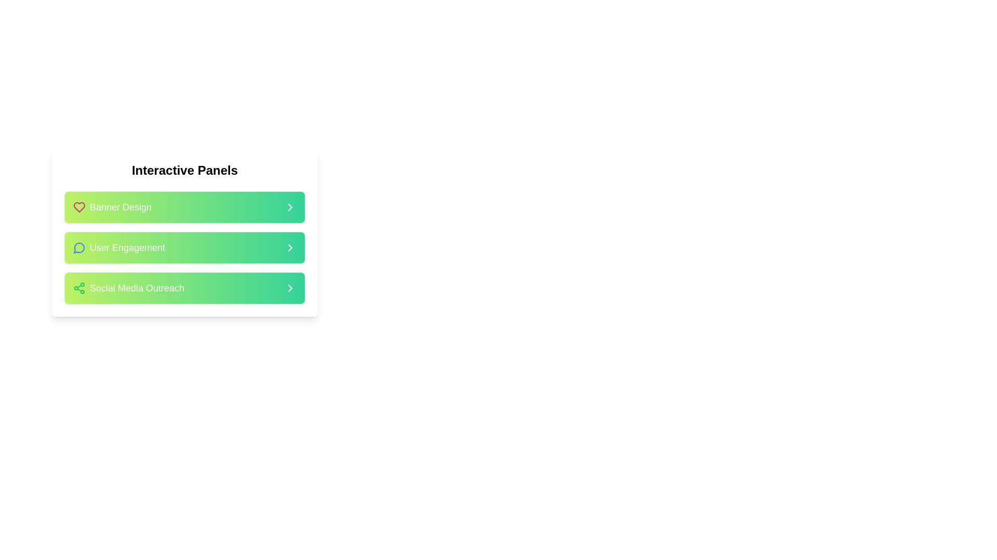 Image resolution: width=997 pixels, height=560 pixels. What do you see at coordinates (290, 288) in the screenshot?
I see `the interactive icon located in the rightmost region of the third button under the 'Interactive Panels' heading` at bounding box center [290, 288].